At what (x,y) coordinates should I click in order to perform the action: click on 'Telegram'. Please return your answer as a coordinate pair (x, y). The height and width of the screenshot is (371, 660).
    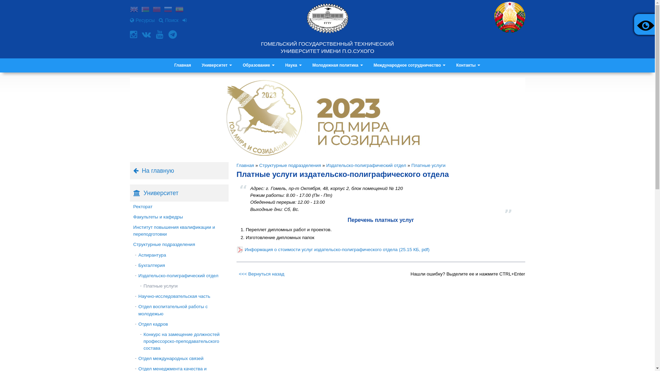
    Looking at the image, I should click on (168, 34).